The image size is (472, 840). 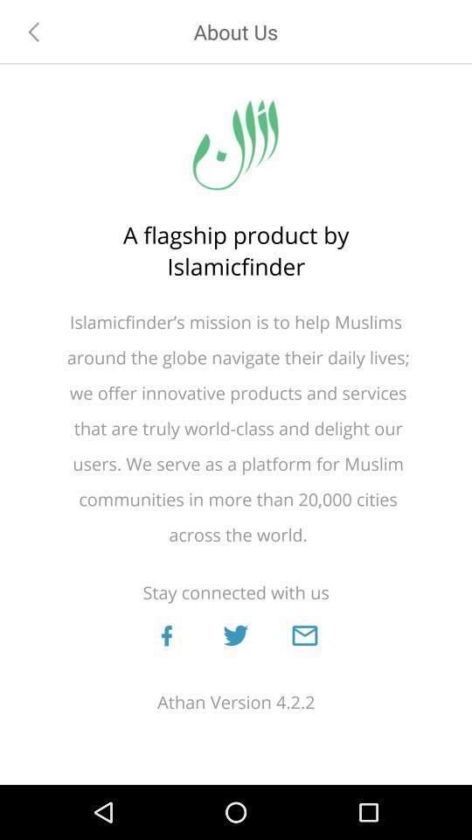 I want to click on the twitter icon, so click(x=235, y=634).